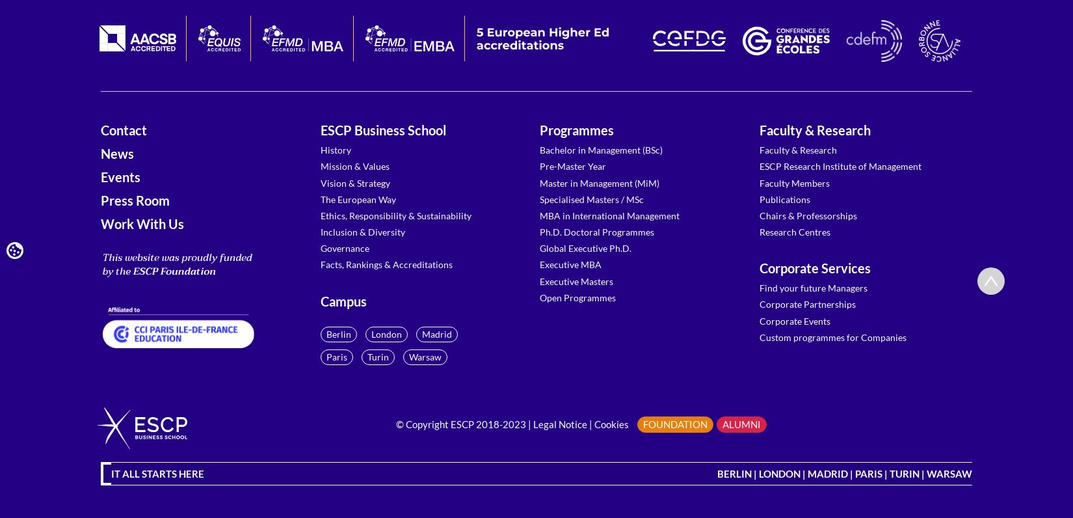 The image size is (1073, 518). Describe the element at coordinates (117, 154) in the screenshot. I see `'News'` at that location.